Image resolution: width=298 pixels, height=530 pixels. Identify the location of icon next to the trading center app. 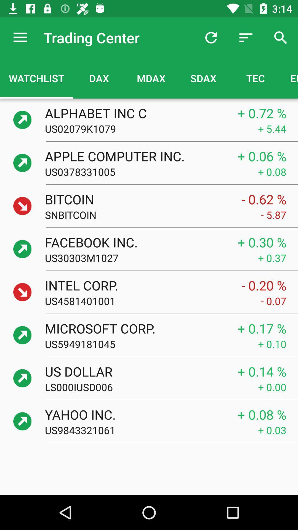
(20, 37).